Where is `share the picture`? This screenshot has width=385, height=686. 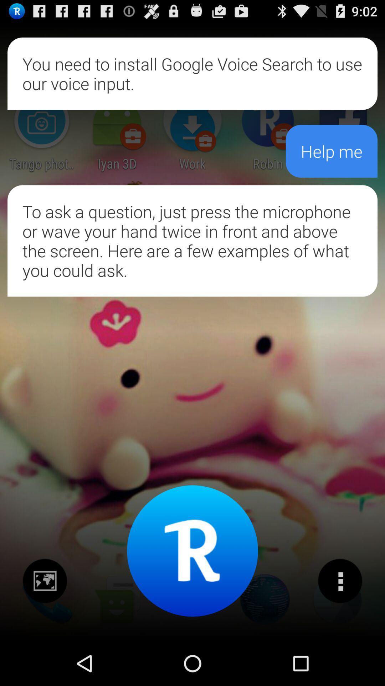 share the picture is located at coordinates (45, 581).